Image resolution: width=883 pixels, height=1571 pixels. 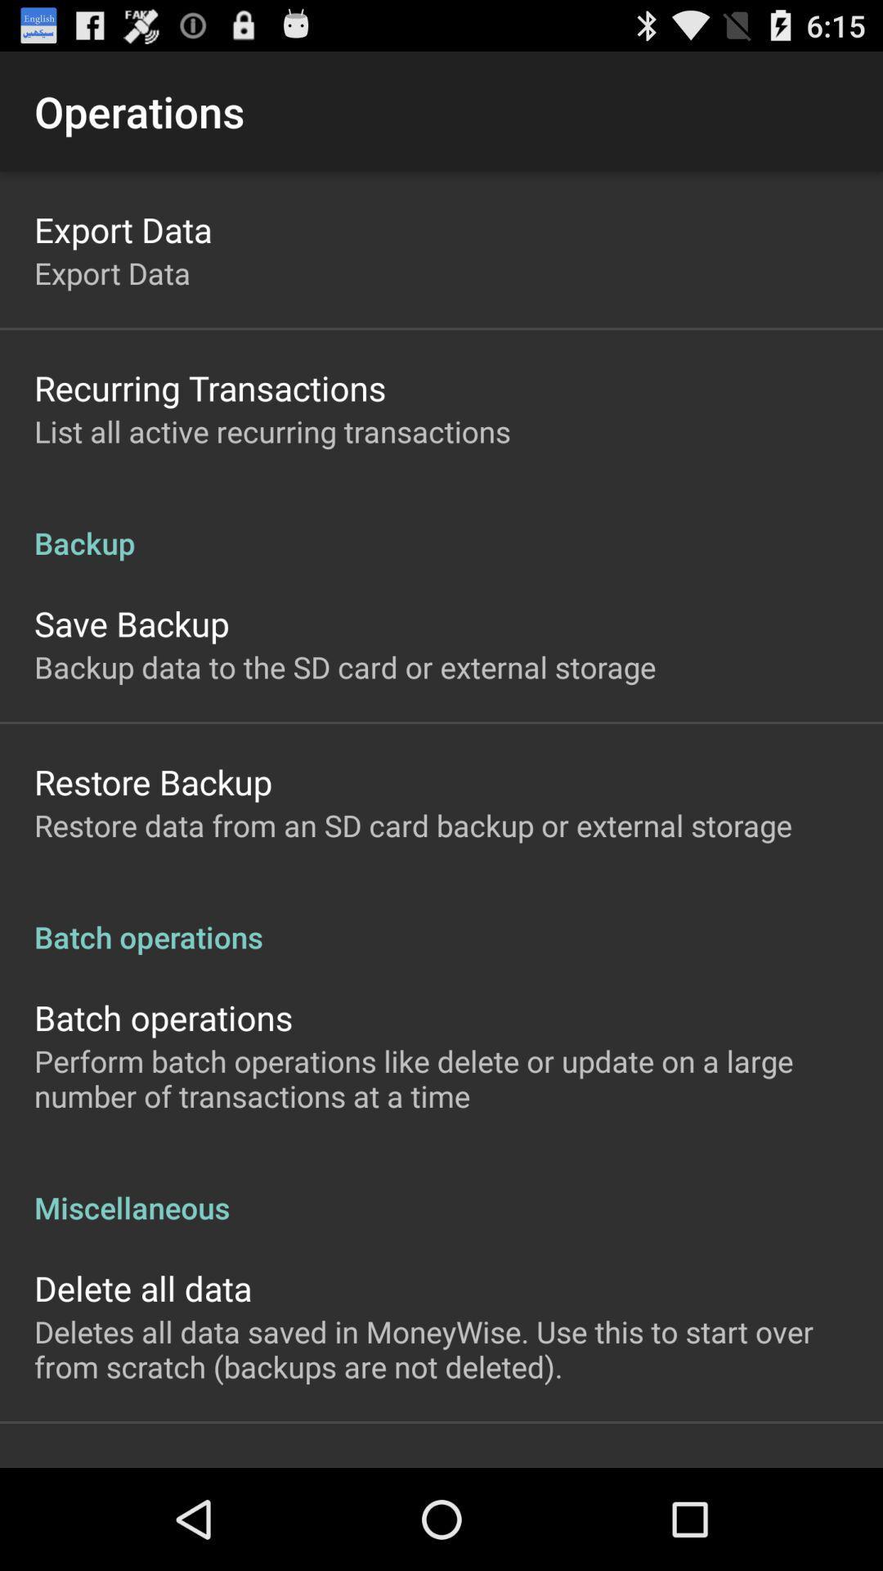 I want to click on the icon above the backup icon, so click(x=271, y=431).